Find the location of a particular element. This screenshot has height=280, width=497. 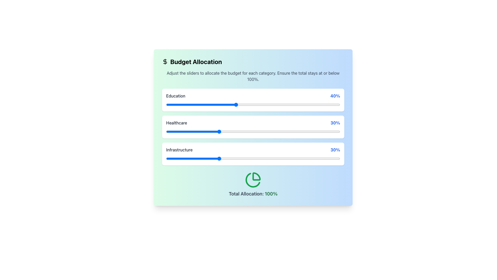

healthcare budget allocation is located at coordinates (242, 131).